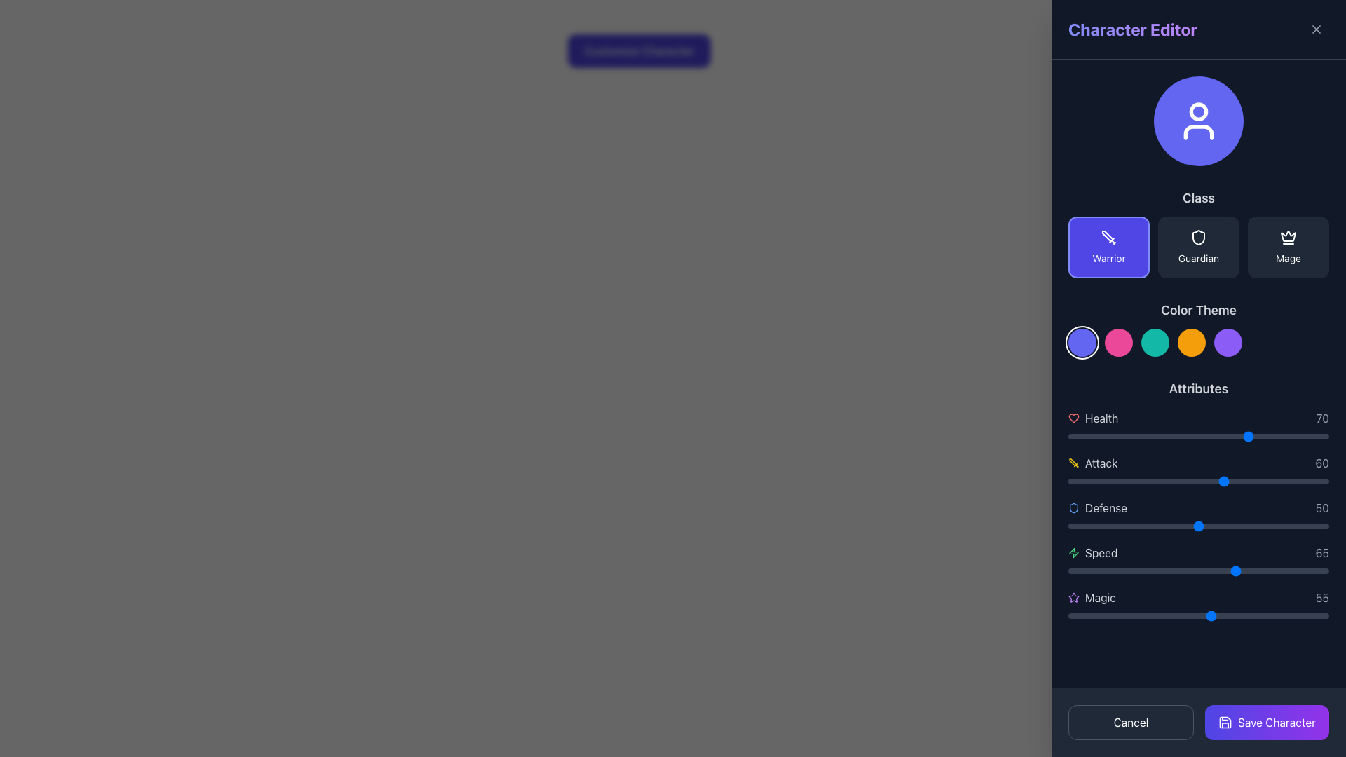 The height and width of the screenshot is (757, 1346). I want to click on the button labeled 'Guardian' which has a dark background, white border, and a shield icon, so click(1197, 232).